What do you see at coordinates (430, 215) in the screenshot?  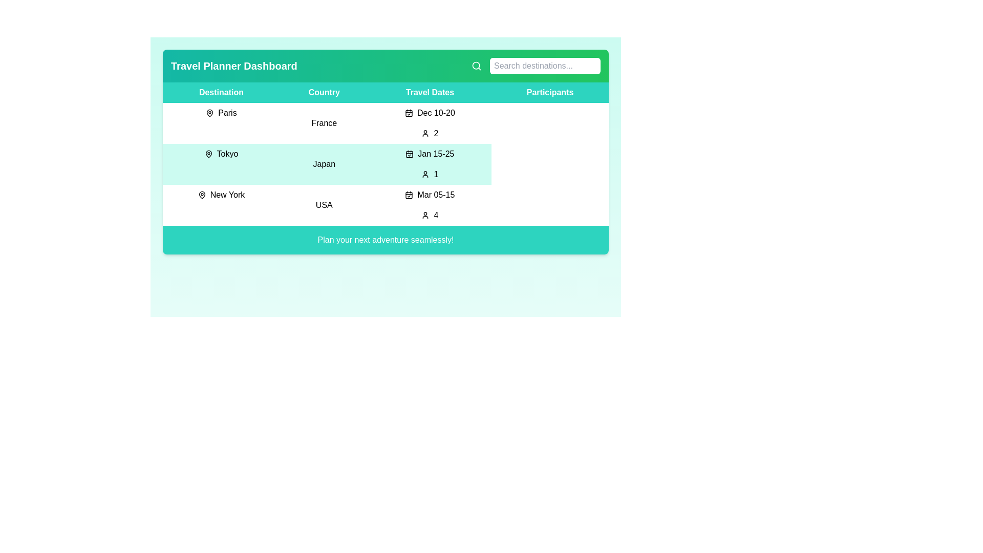 I see `displayed number from the icon and text combination in the fourth column of the third row, aligned with 'New York' and 'USA'` at bounding box center [430, 215].